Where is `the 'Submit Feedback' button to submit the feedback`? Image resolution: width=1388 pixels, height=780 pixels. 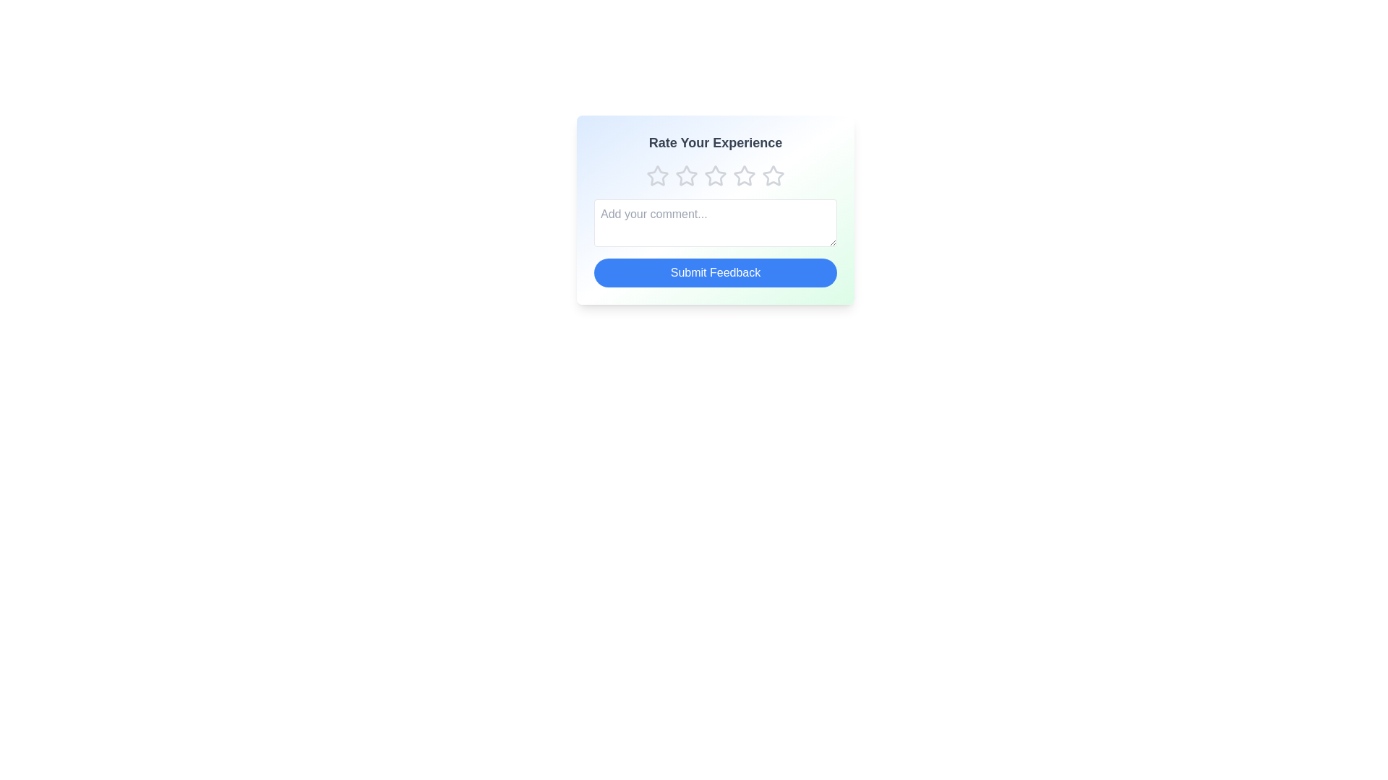 the 'Submit Feedback' button to submit the feedback is located at coordinates (715, 273).